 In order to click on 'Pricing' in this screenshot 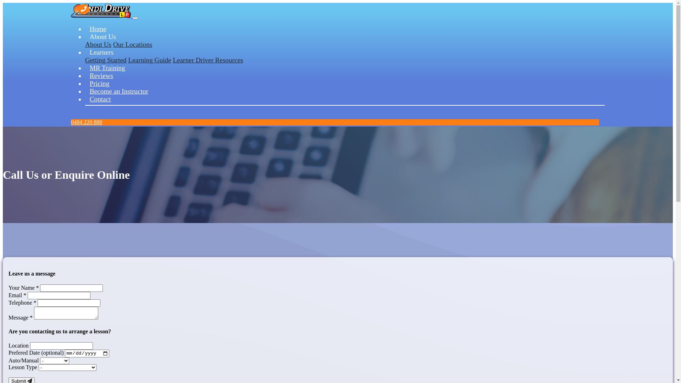, I will do `click(99, 83)`.